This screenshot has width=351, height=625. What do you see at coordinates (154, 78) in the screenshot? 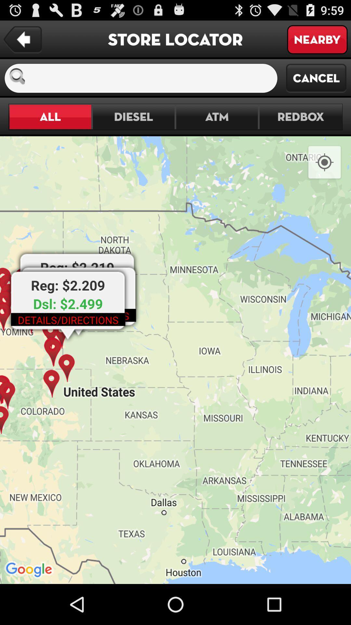
I see `search location` at bounding box center [154, 78].